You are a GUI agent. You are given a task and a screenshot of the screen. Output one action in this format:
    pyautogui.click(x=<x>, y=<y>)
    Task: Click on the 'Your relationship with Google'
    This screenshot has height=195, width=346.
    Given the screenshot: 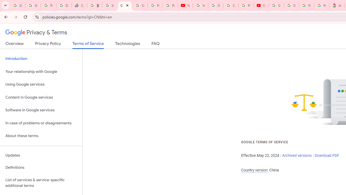 What is the action you would take?
    pyautogui.click(x=41, y=71)
    